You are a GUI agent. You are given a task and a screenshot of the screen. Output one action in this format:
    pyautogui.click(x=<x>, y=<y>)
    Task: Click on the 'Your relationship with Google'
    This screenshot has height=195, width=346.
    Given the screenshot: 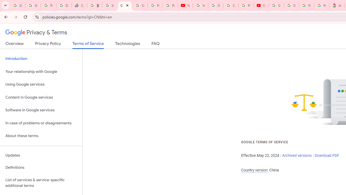 What is the action you would take?
    pyautogui.click(x=41, y=71)
    